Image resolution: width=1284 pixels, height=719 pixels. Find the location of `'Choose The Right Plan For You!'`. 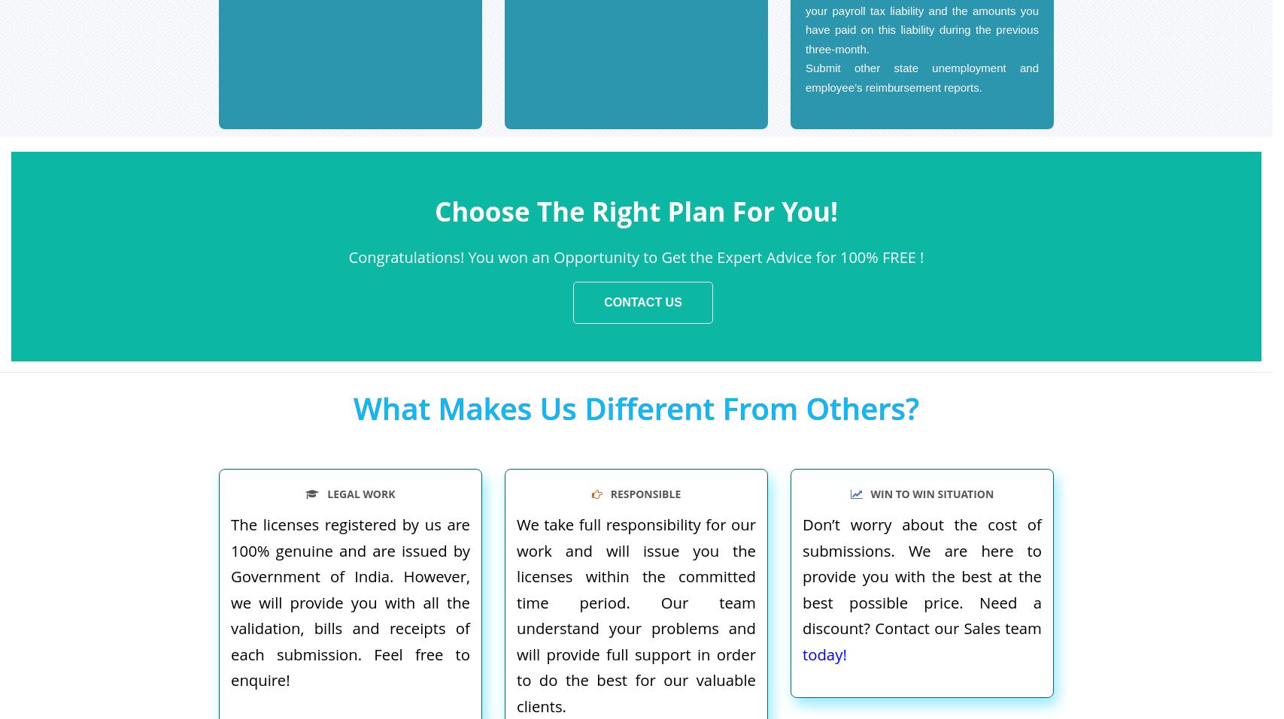

'Choose The Right Plan For You!' is located at coordinates (636, 210).